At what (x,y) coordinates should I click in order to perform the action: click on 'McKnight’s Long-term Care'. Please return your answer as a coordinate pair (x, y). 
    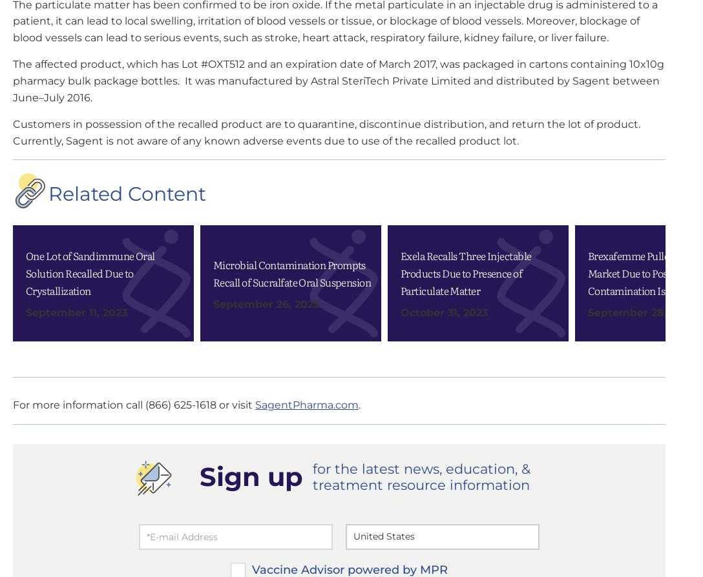
    Looking at the image, I should click on (529, 219).